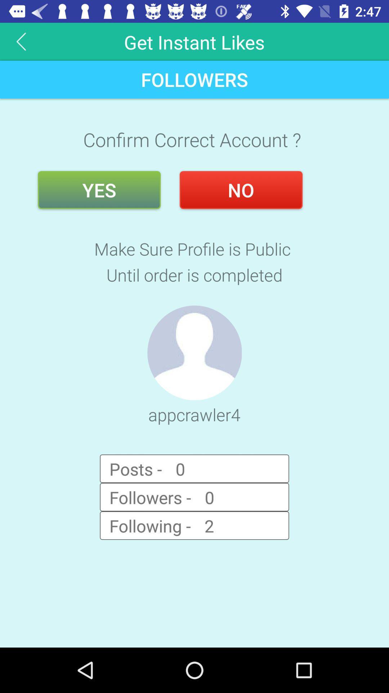 This screenshot has height=693, width=389. Describe the element at coordinates (21, 41) in the screenshot. I see `icon next to the get instant likes item` at that location.